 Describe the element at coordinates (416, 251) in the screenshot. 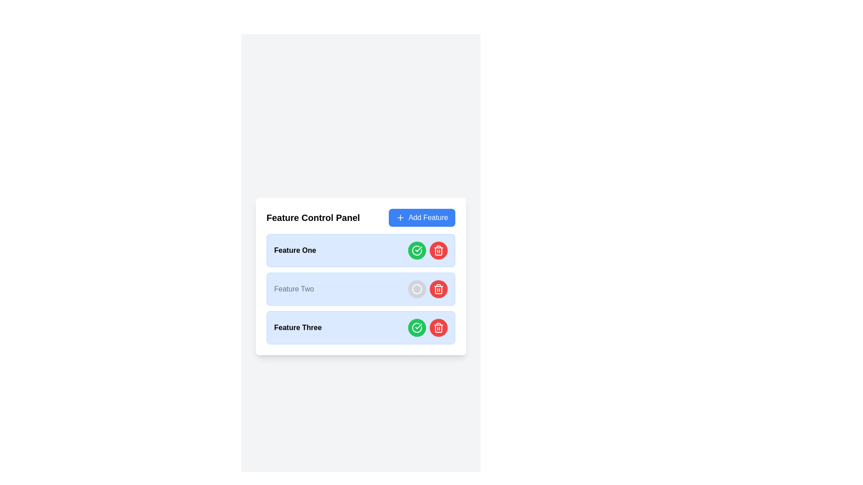

I see `the circular green Icon button with a white checkmark inside, located in the Feature Control Panel next to 'Feature One'` at that location.